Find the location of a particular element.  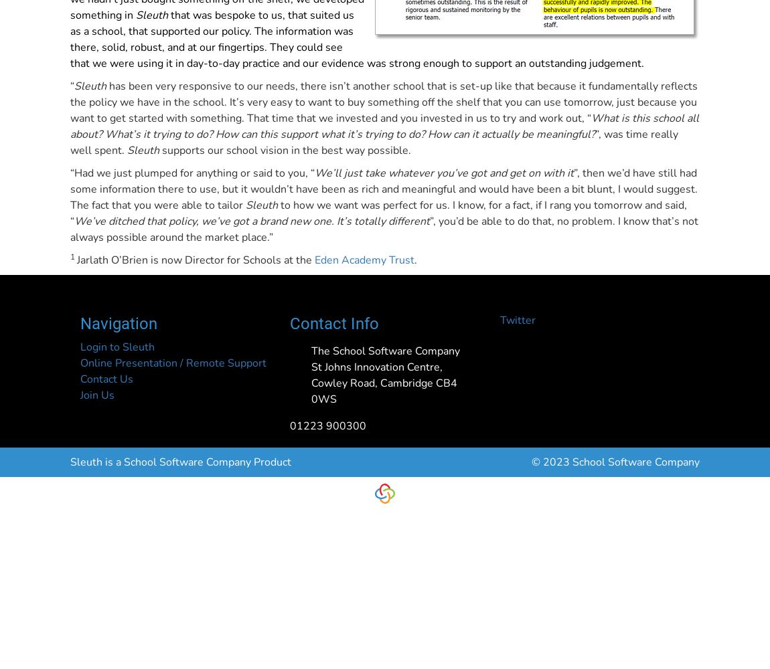

'Contact Info' is located at coordinates (334, 323).